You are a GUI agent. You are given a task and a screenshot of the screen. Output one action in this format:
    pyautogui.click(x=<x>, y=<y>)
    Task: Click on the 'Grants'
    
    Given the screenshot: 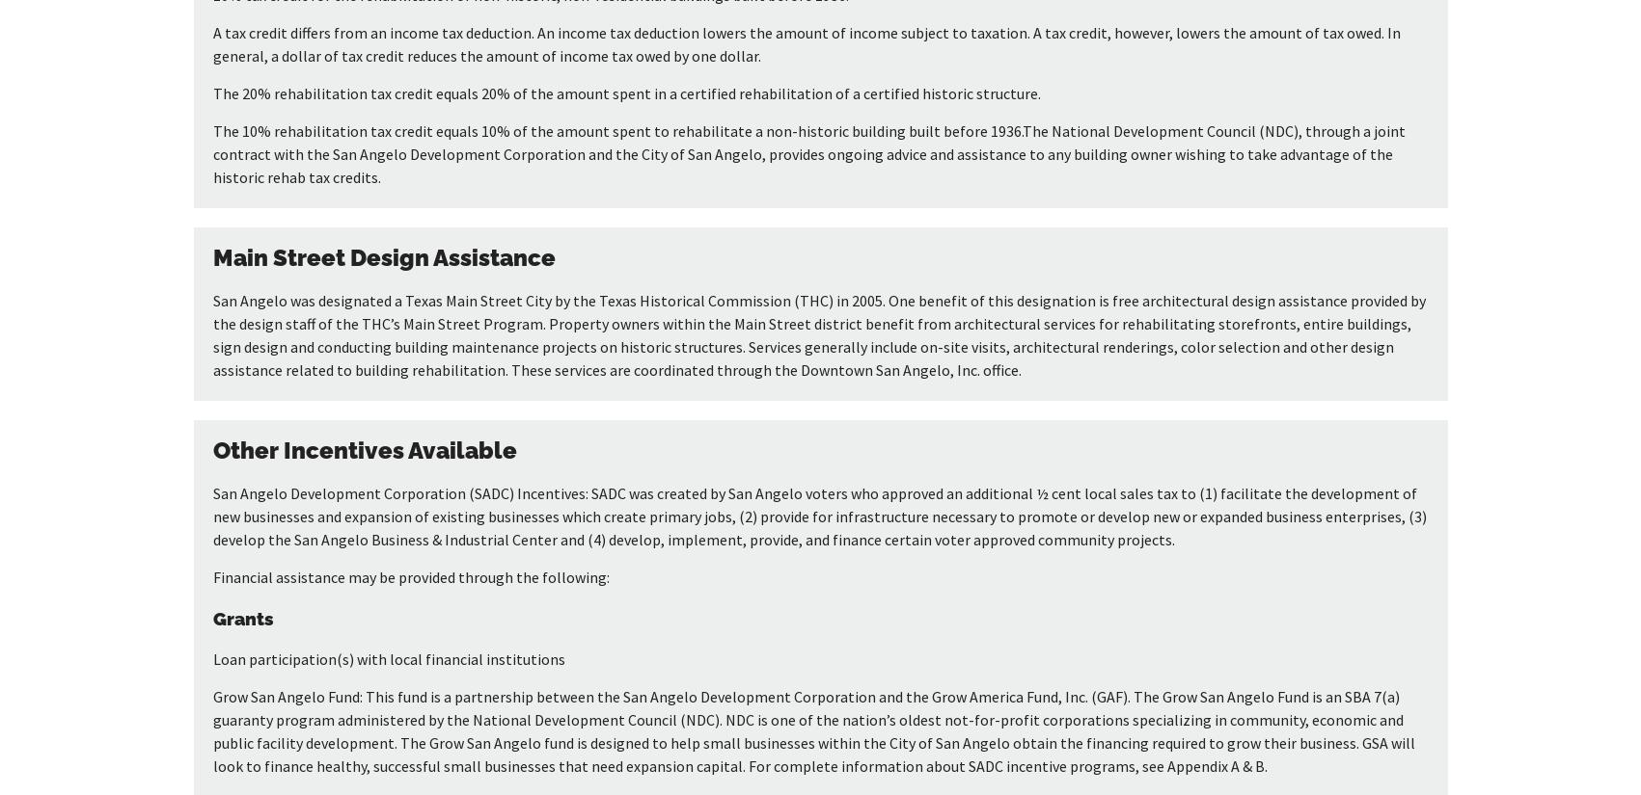 What is the action you would take?
    pyautogui.click(x=242, y=617)
    